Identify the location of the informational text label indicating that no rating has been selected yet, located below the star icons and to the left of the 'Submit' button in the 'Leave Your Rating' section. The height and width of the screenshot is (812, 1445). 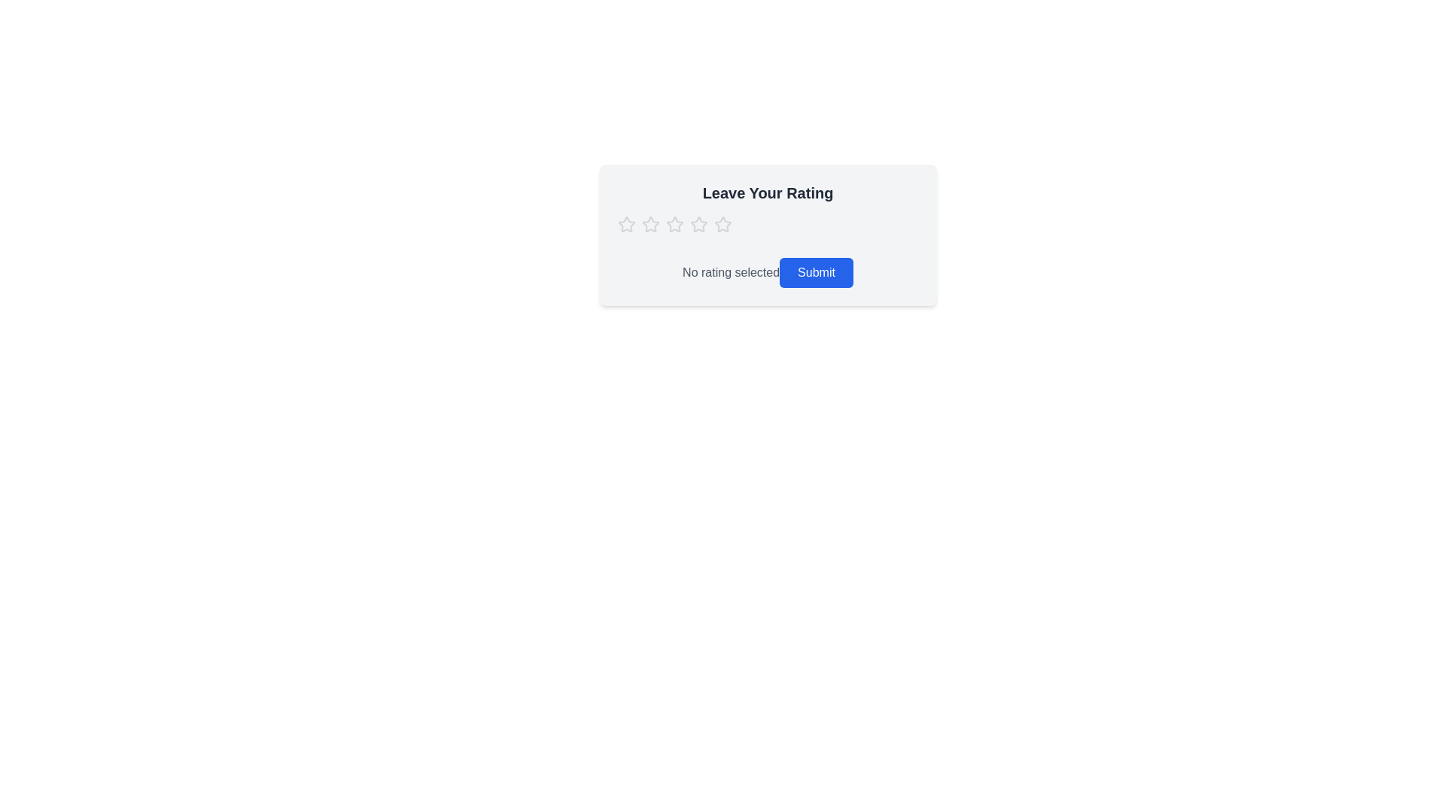
(731, 272).